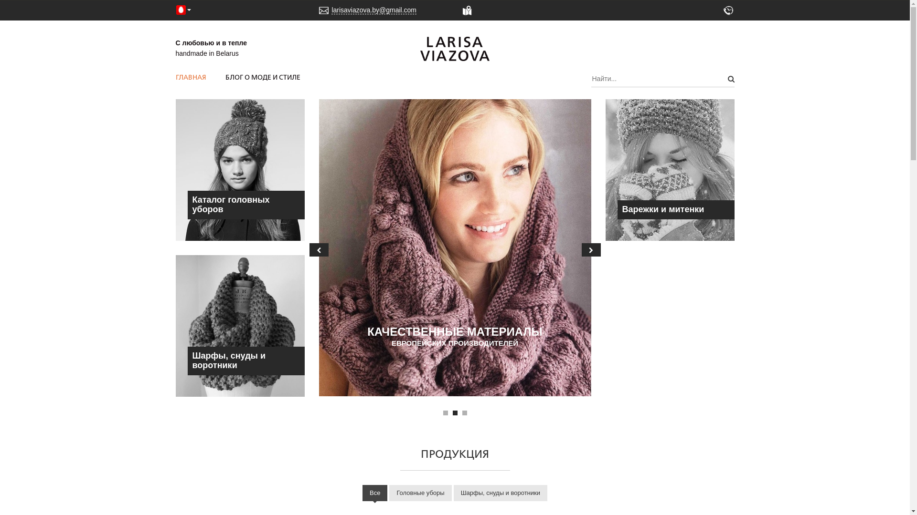 The width and height of the screenshot is (917, 515). I want to click on '2', so click(452, 412).